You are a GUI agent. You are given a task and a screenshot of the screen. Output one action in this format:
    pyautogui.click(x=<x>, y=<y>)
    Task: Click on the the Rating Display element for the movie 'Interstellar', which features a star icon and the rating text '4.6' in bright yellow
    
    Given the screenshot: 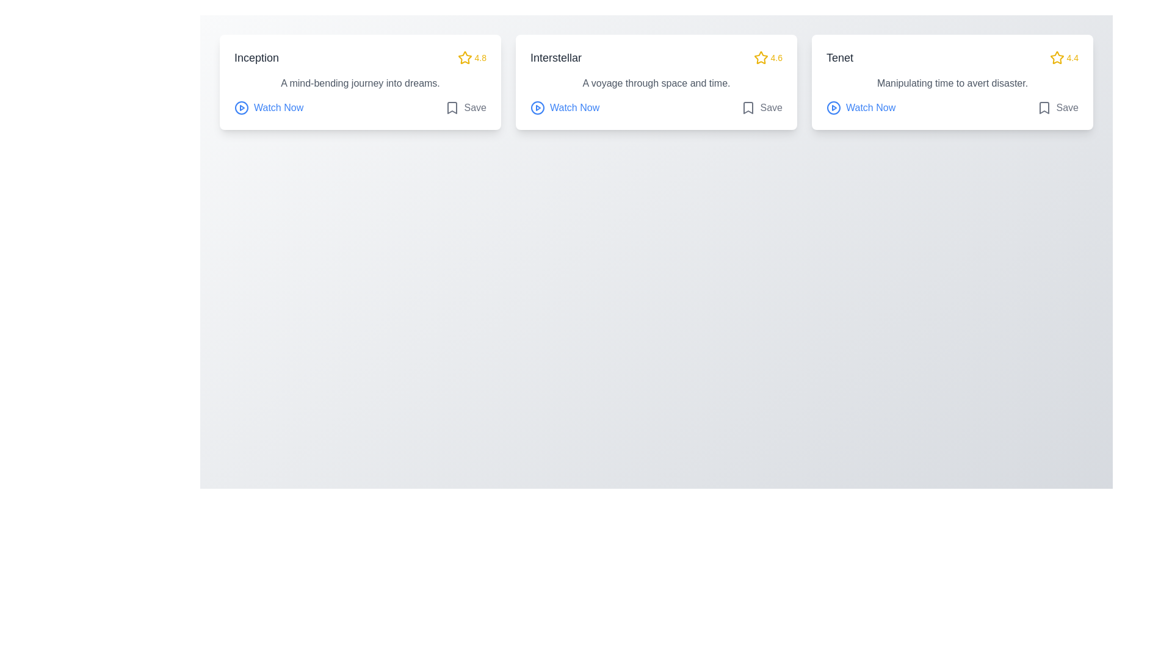 What is the action you would take?
    pyautogui.click(x=767, y=58)
    